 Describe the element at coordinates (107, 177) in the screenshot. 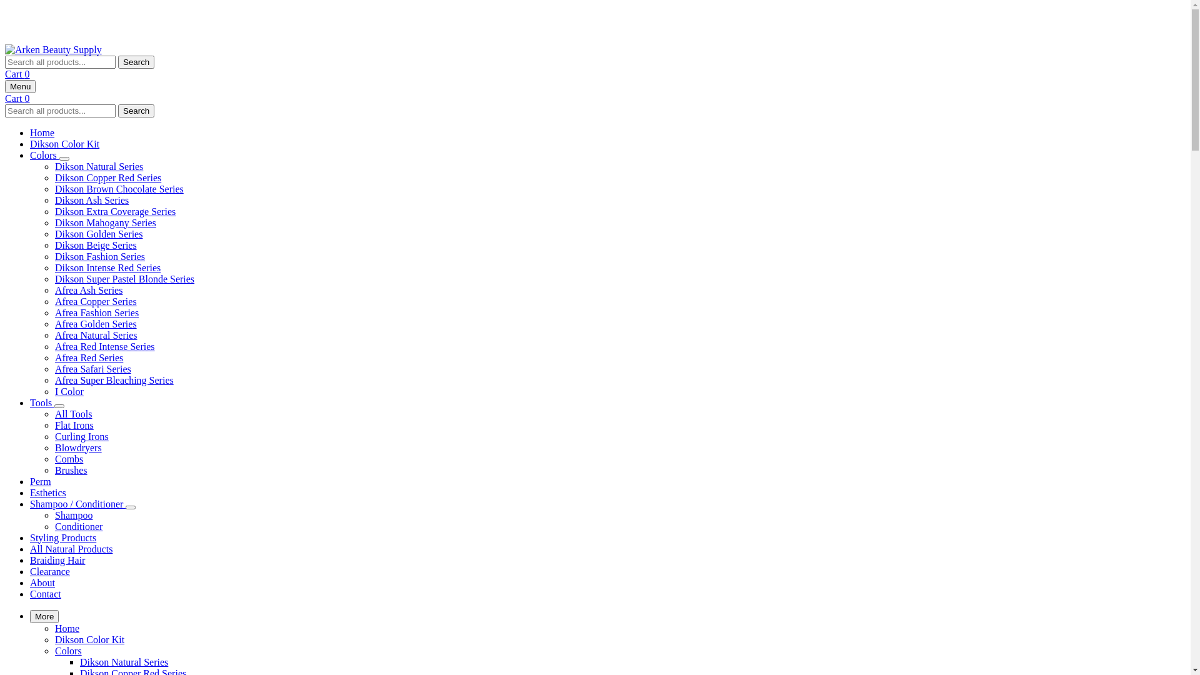

I see `'Dikson Copper Red Series'` at that location.